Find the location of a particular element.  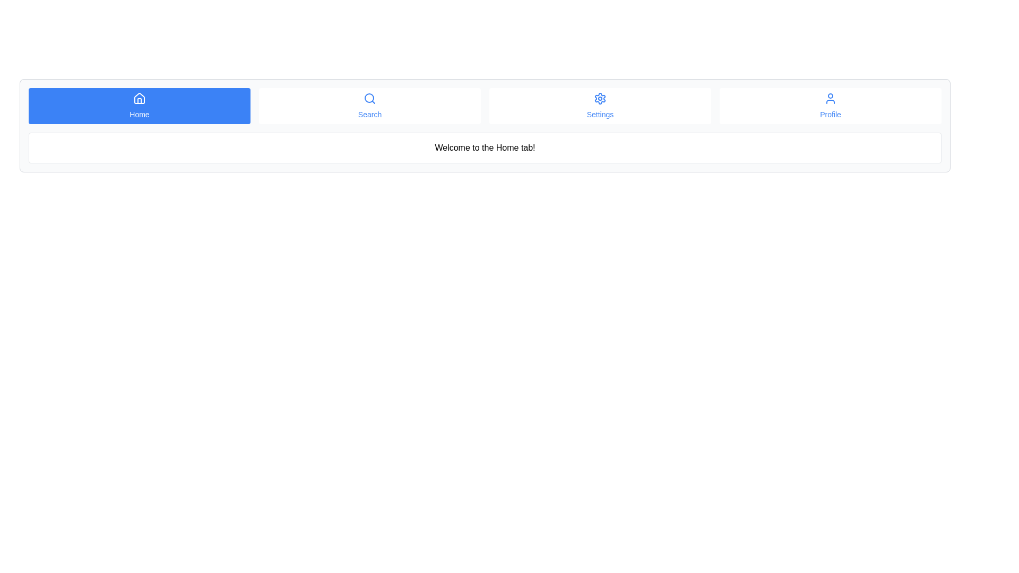

the 'Search' button with a white background and blue text, located second from the left in the navigation bar is located at coordinates (369, 106).